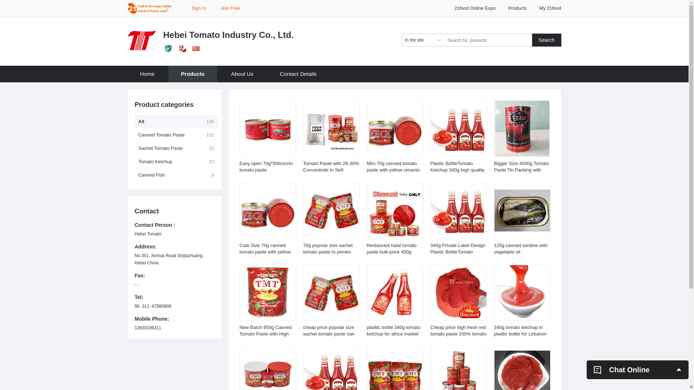  What do you see at coordinates (242, 74) in the screenshot?
I see `'About Us'` at bounding box center [242, 74].